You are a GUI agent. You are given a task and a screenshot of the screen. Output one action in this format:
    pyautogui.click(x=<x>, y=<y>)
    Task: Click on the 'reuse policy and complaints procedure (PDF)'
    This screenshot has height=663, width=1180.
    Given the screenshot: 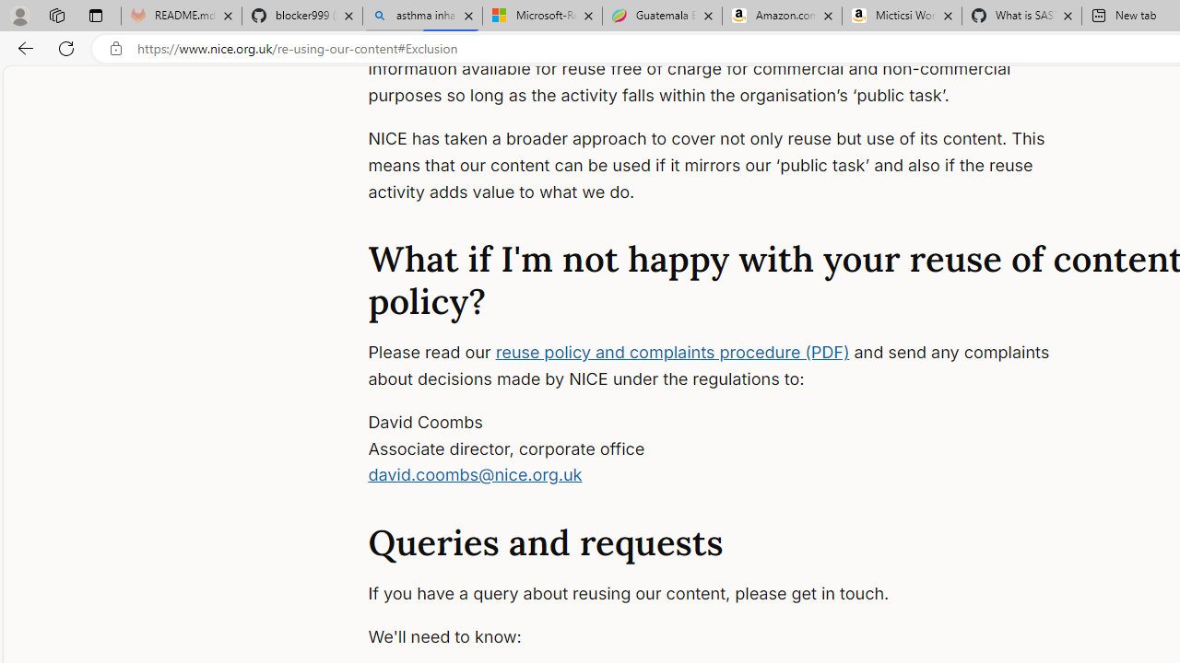 What is the action you would take?
    pyautogui.click(x=671, y=353)
    